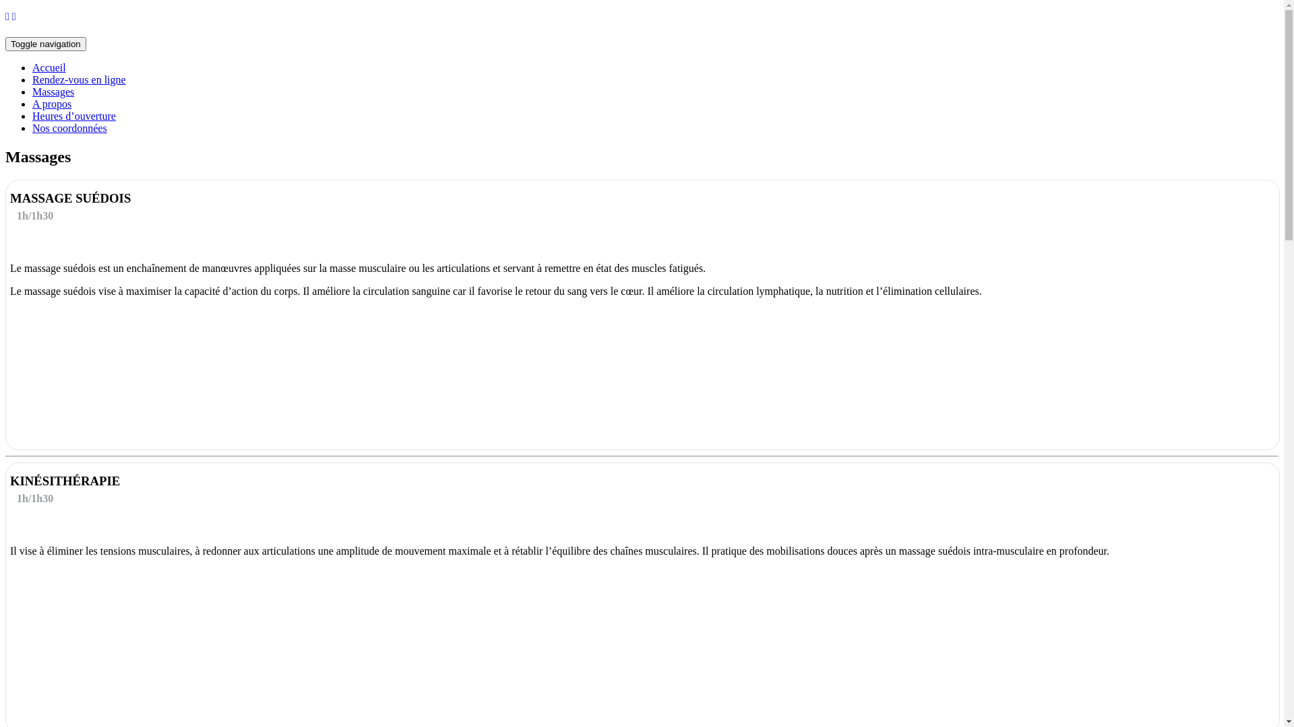 Image resolution: width=1294 pixels, height=727 pixels. Describe the element at coordinates (49, 67) in the screenshot. I see `'Accueil'` at that location.